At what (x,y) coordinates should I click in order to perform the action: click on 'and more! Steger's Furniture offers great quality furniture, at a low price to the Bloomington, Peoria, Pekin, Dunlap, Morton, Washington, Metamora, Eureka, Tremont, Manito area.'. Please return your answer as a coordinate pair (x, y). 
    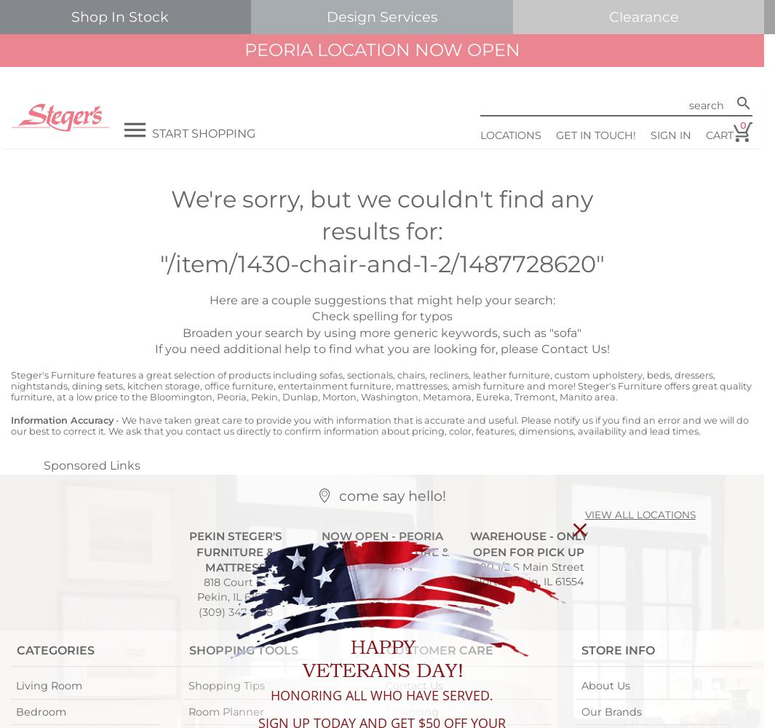
    Looking at the image, I should click on (380, 391).